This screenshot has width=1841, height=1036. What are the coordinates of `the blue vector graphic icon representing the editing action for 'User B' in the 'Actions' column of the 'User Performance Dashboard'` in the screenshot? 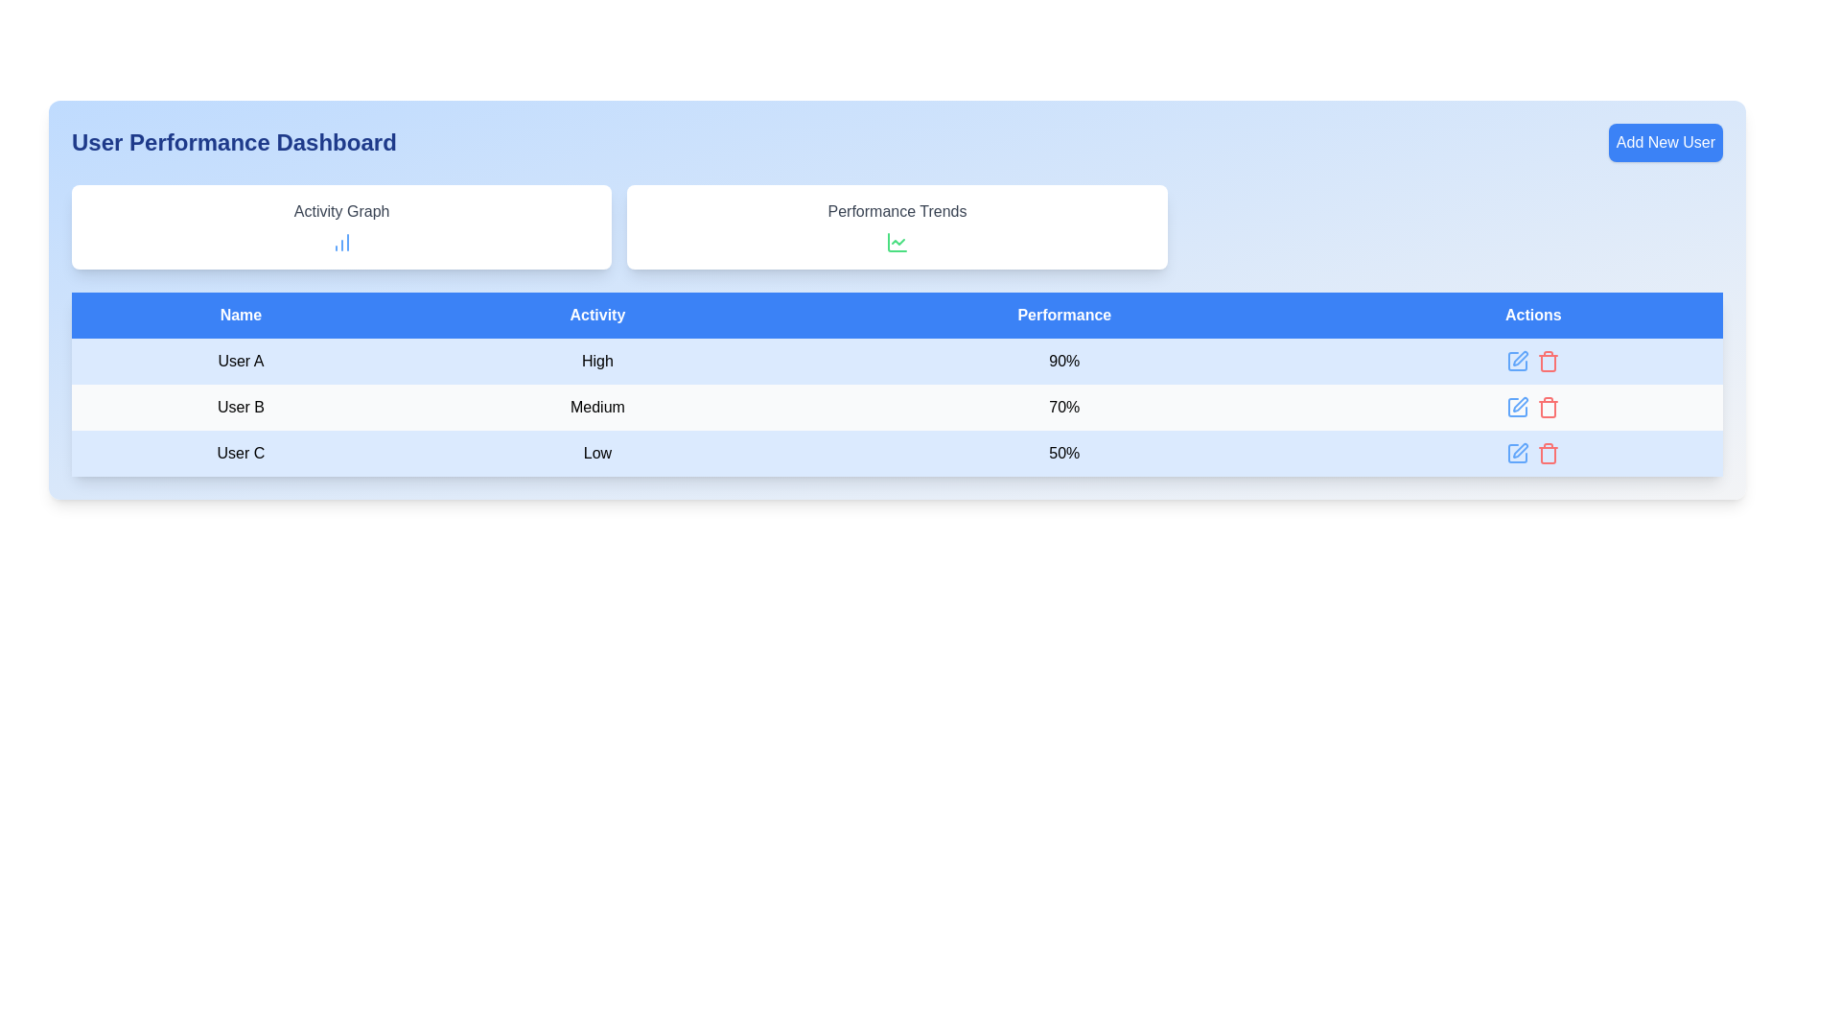 It's located at (1520, 403).